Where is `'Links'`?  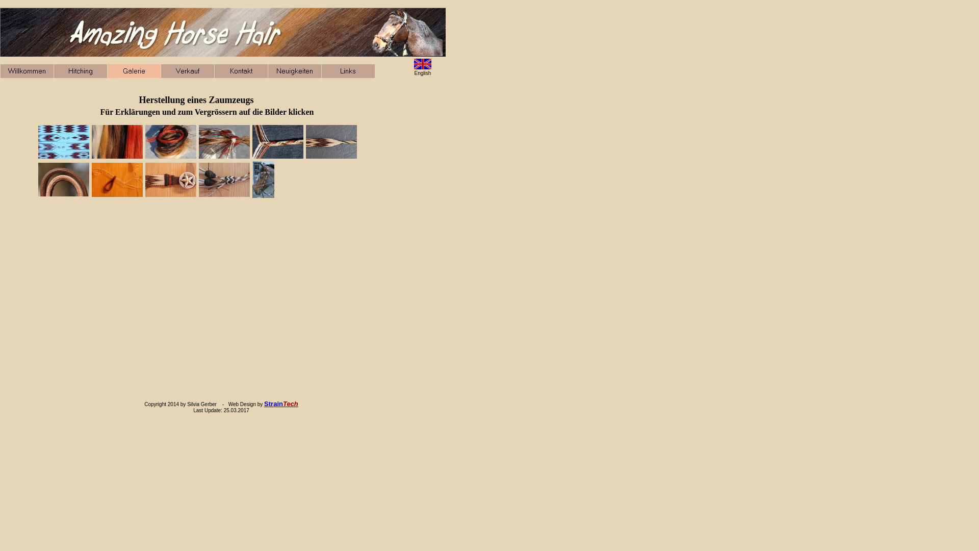
'Links' is located at coordinates (348, 70).